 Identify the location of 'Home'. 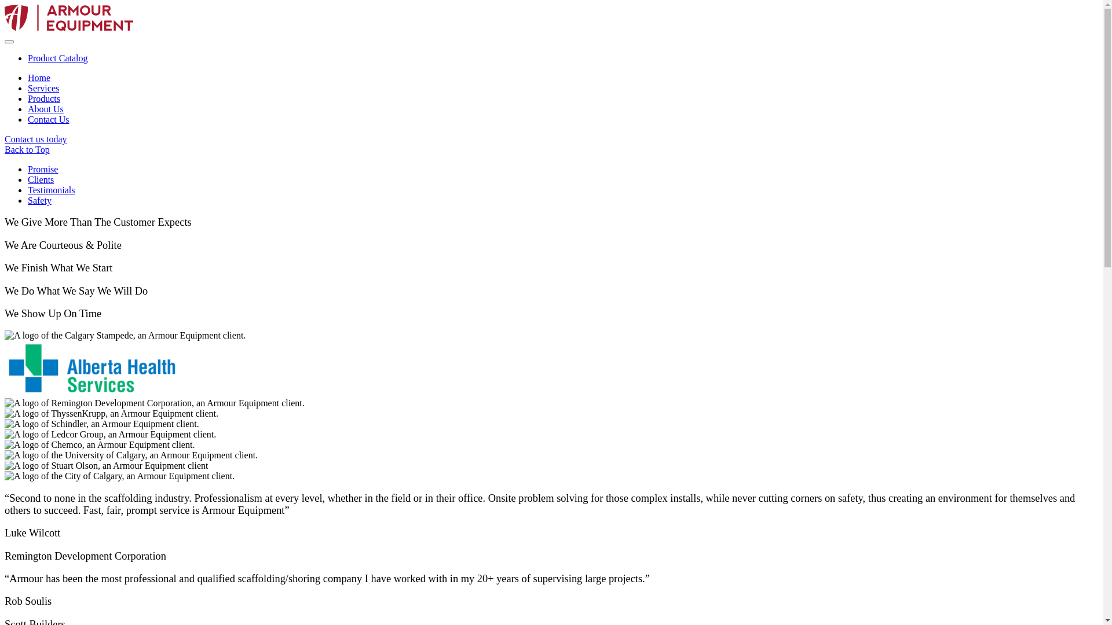
(39, 78).